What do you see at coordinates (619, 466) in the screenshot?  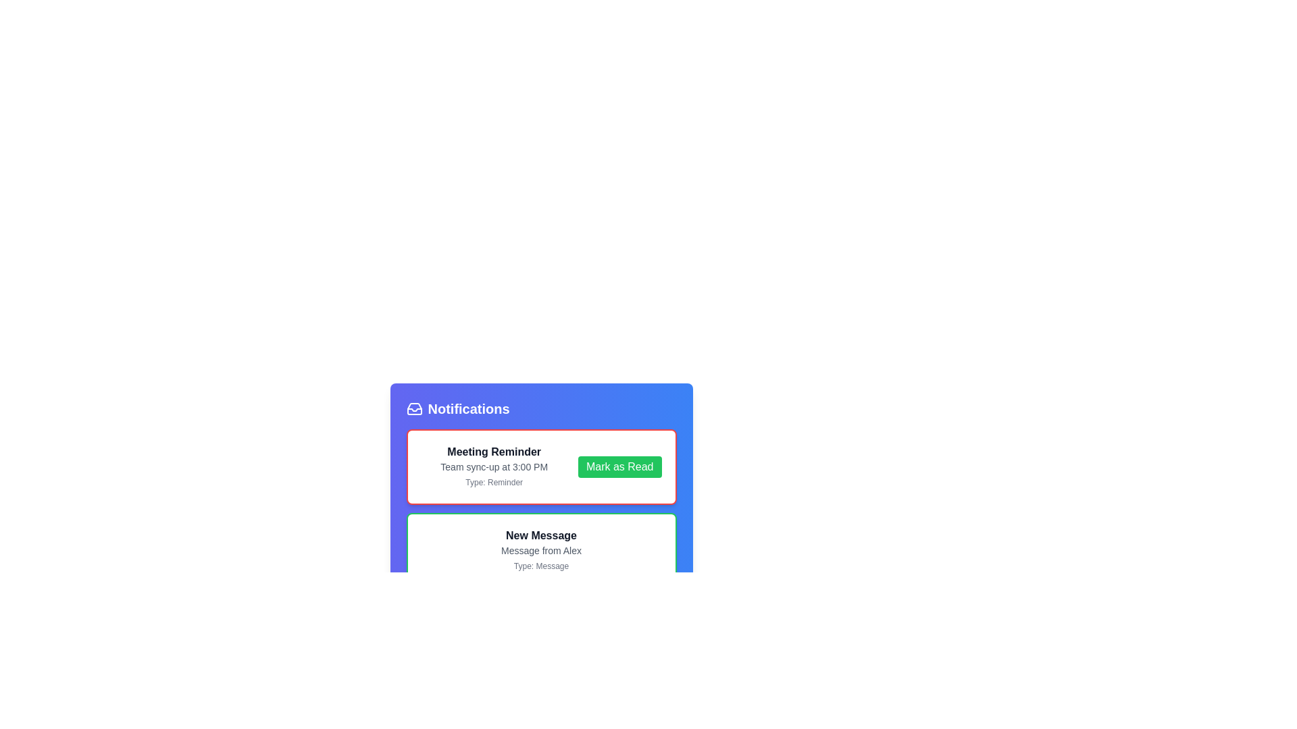 I see `the button that marks the associated notification as read` at bounding box center [619, 466].